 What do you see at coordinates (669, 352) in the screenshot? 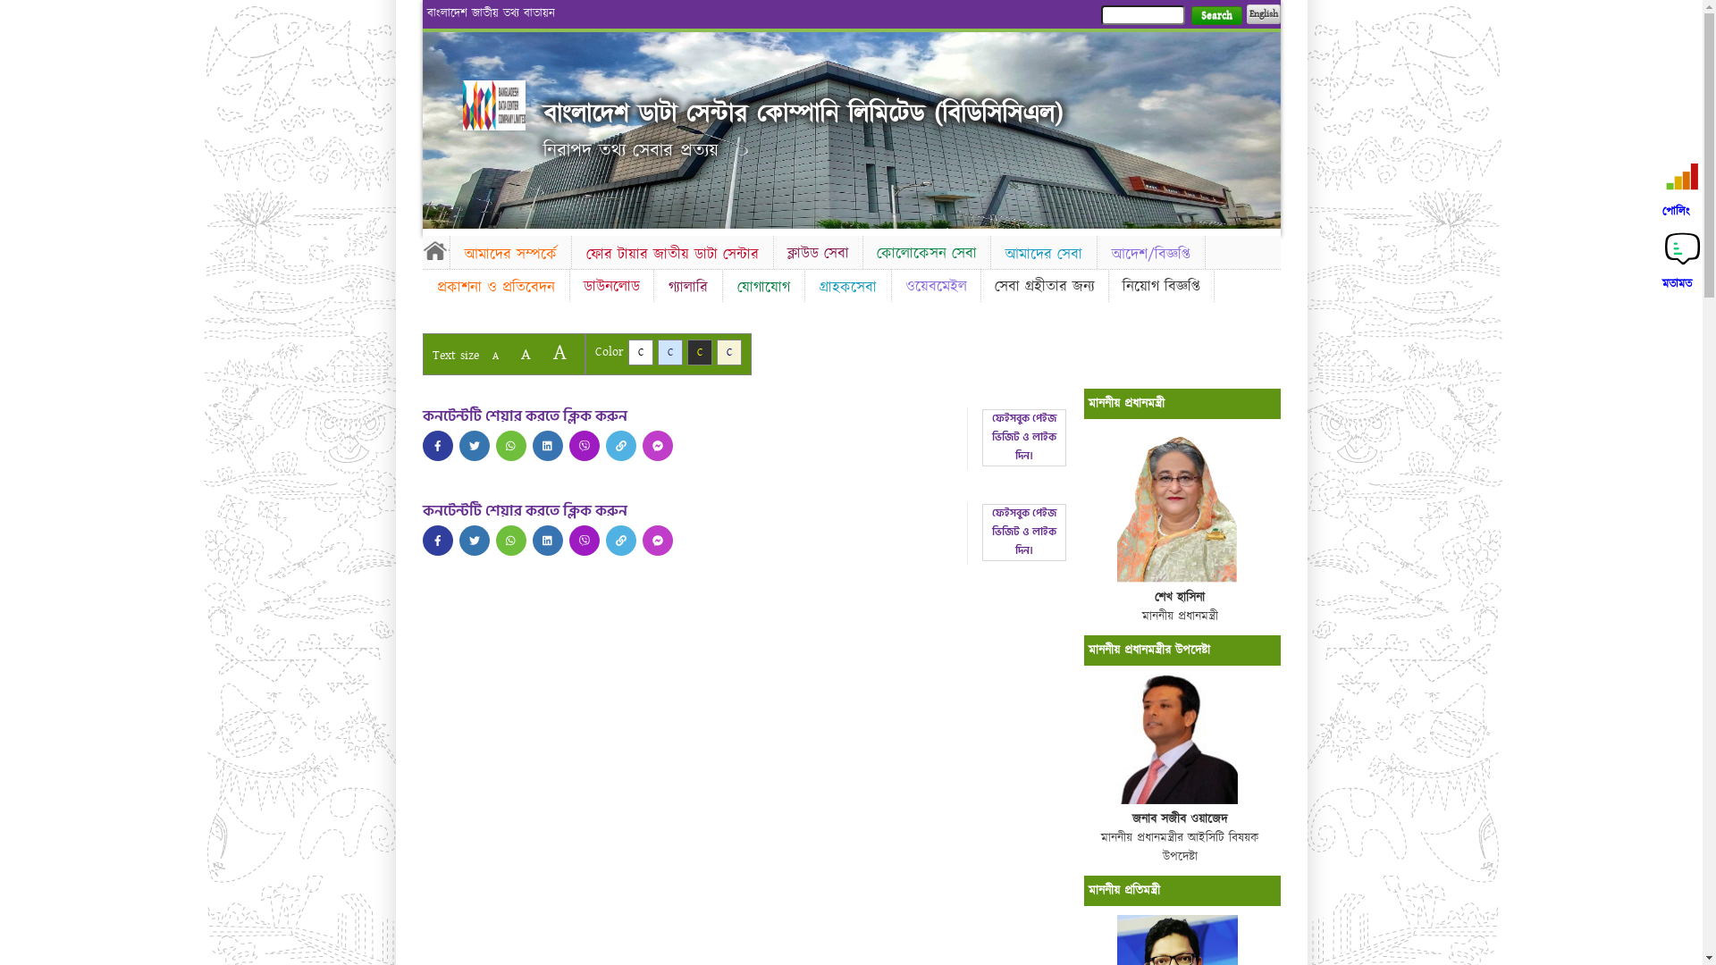
I see `'C'` at bounding box center [669, 352].